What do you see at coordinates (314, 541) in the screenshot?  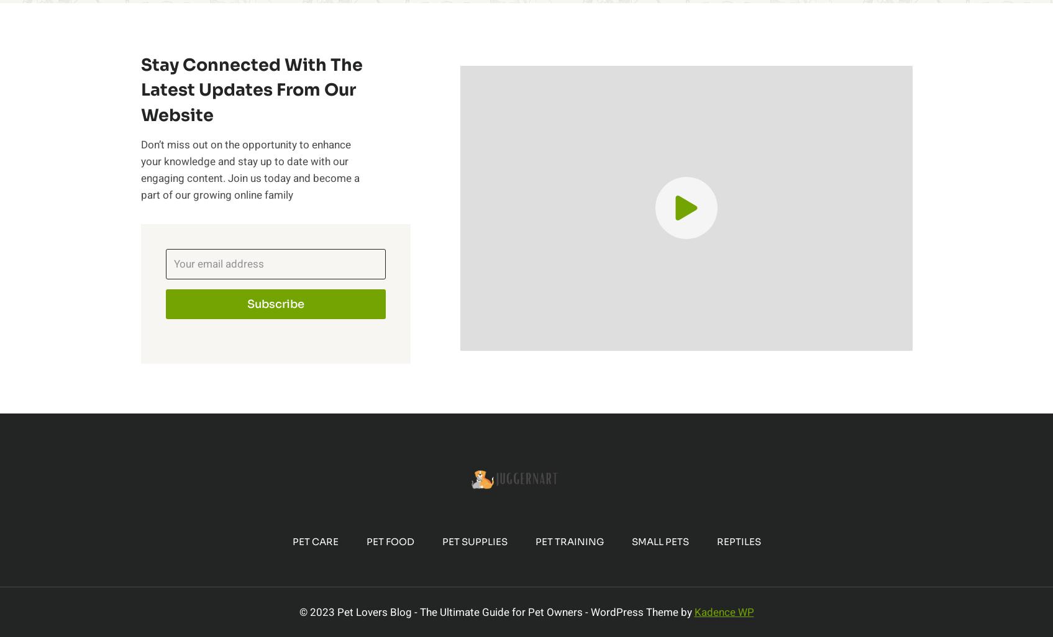 I see `'Pet Care'` at bounding box center [314, 541].